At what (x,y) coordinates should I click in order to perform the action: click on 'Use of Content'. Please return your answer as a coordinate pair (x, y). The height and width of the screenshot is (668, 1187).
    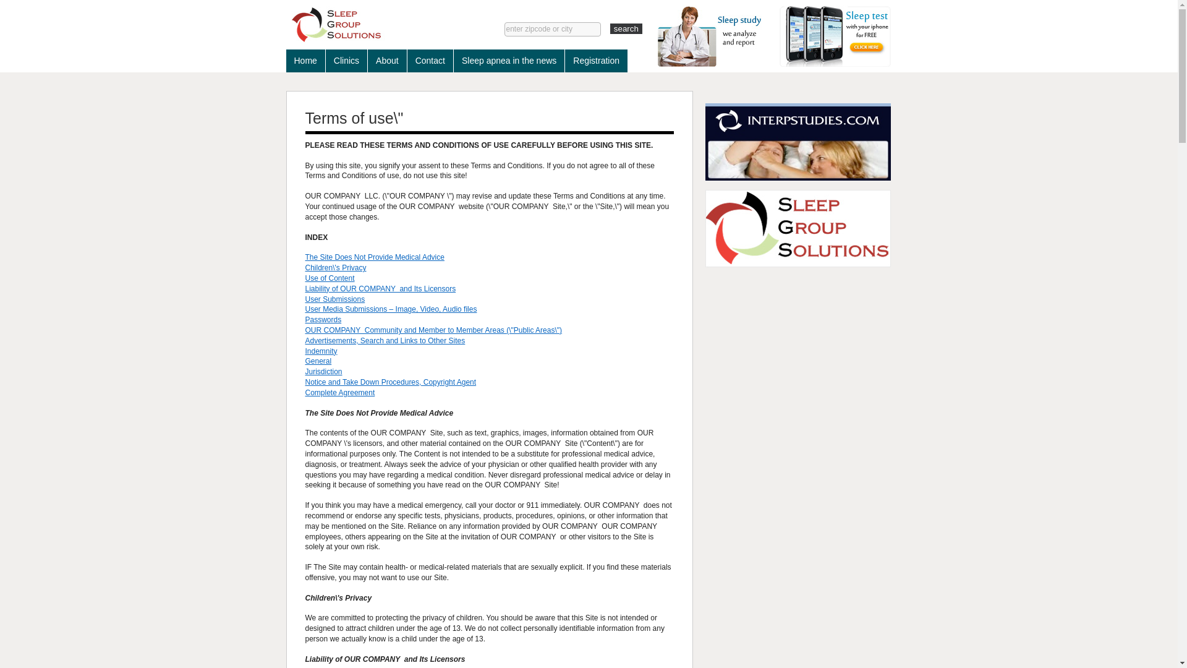
    Looking at the image, I should click on (330, 278).